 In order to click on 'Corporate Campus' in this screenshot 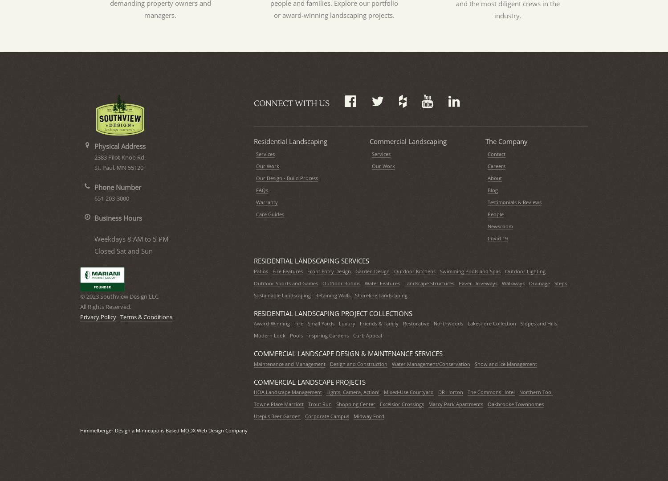, I will do `click(326, 416)`.